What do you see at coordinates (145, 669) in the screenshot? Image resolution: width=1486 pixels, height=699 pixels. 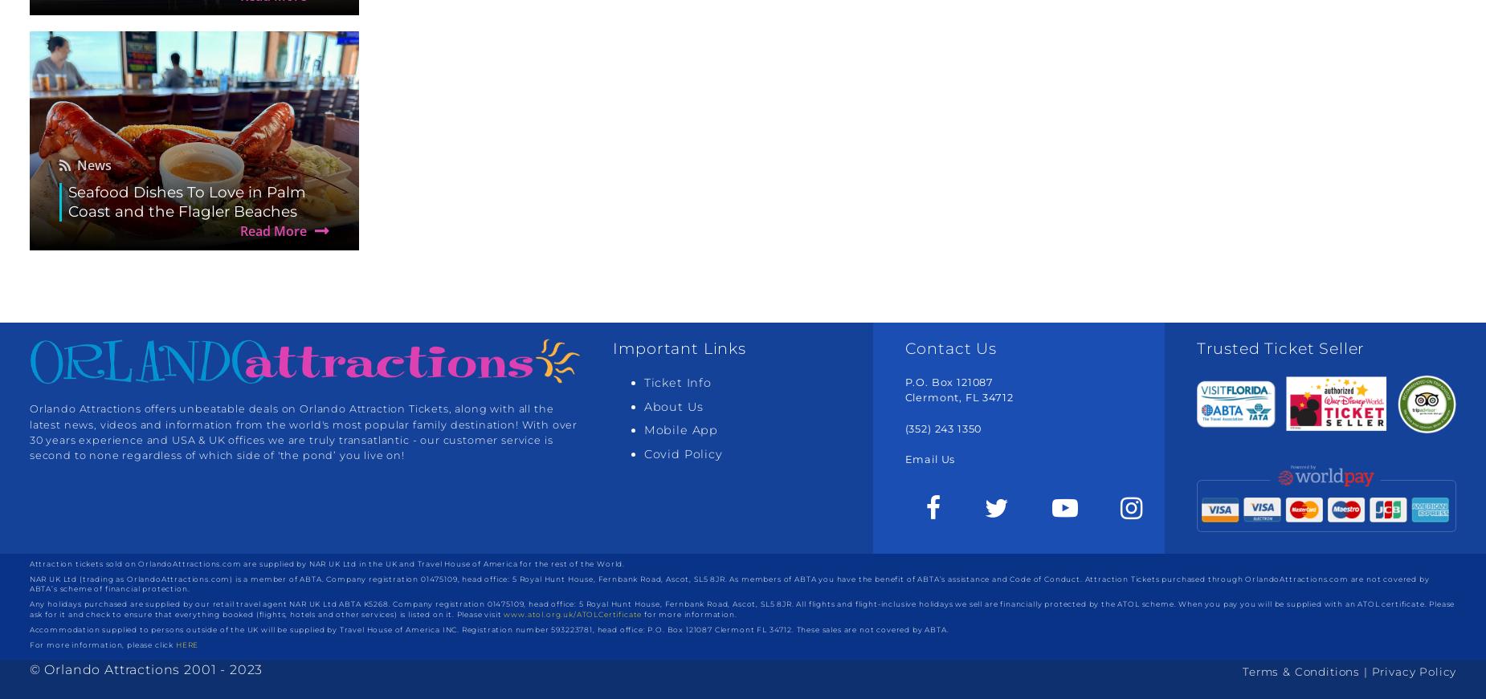 I see `'© Orlando Attractions 2001 - 2023'` at bounding box center [145, 669].